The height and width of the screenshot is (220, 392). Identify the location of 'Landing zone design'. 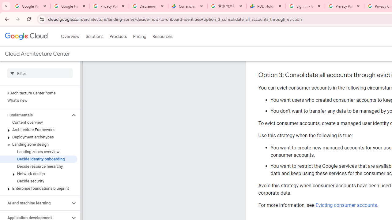
(38, 145).